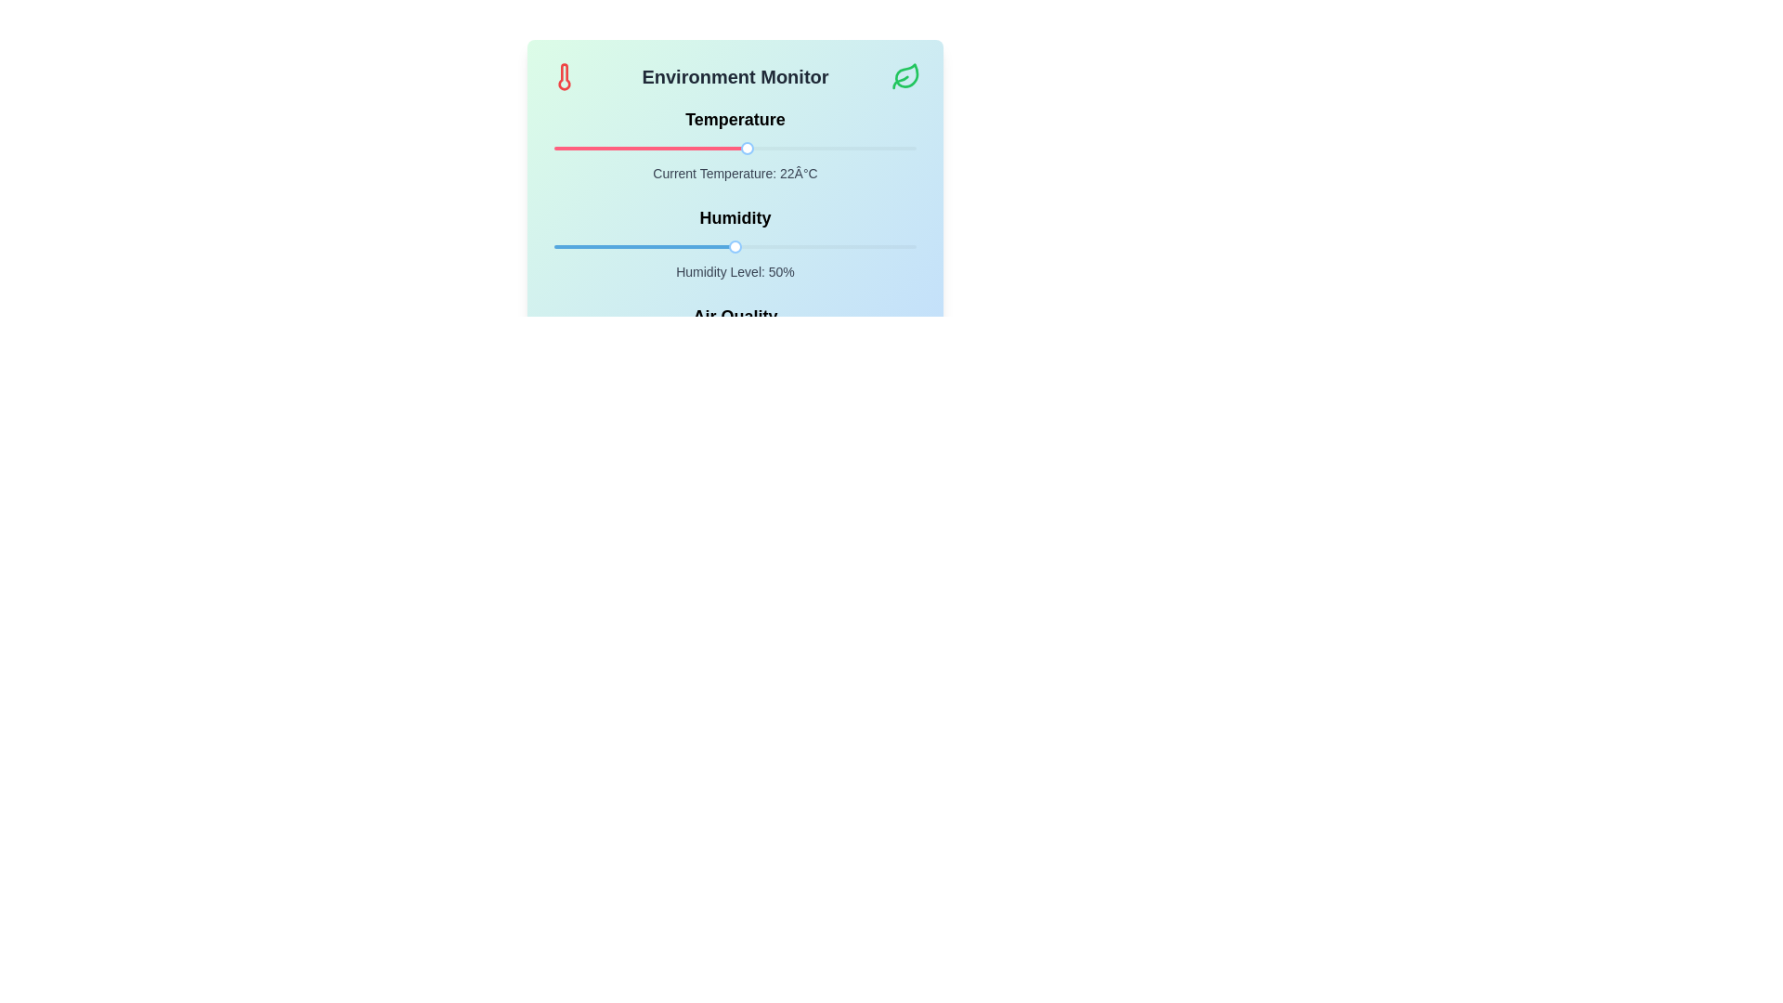  Describe the element at coordinates (876, 246) in the screenshot. I see `humidity` at that location.